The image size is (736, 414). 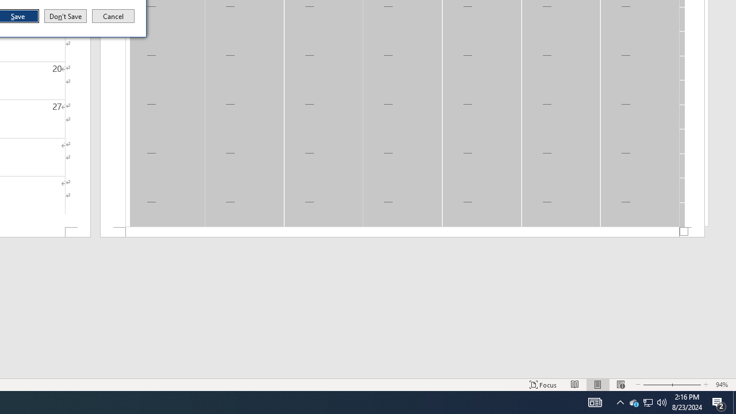 What do you see at coordinates (113, 16) in the screenshot?
I see `'Cancel'` at bounding box center [113, 16].